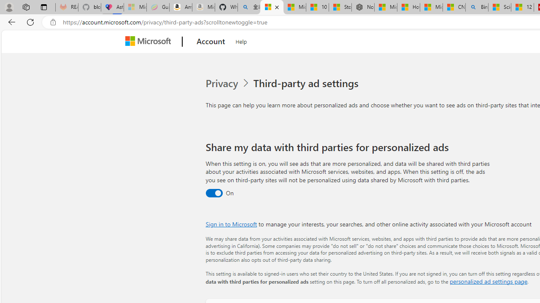  Describe the element at coordinates (241, 40) in the screenshot. I see `'Help'` at that location.